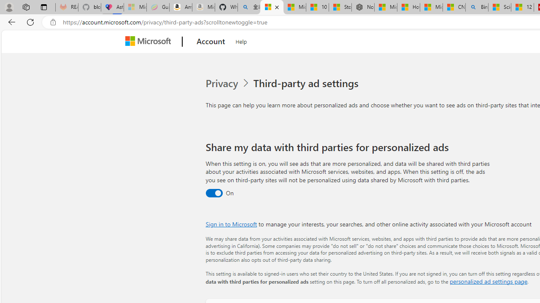  Describe the element at coordinates (241, 40) in the screenshot. I see `'Help'` at that location.